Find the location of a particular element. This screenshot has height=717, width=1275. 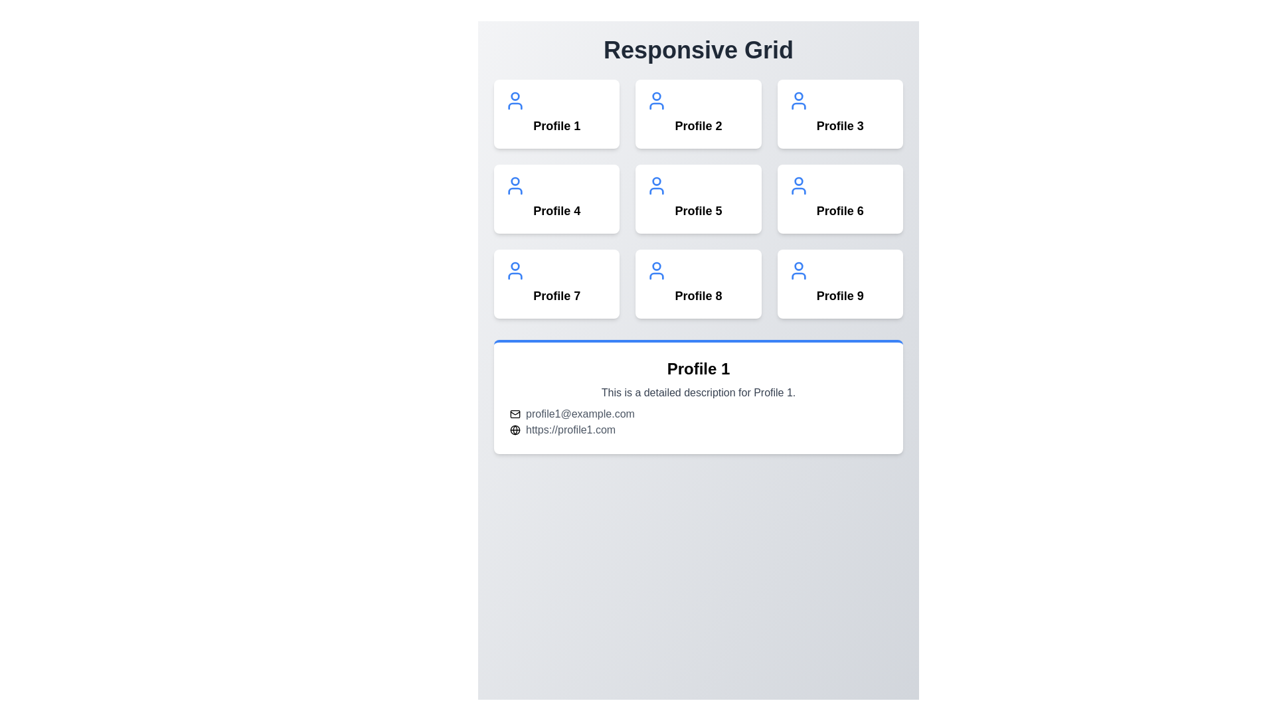

the Text Label that serves as the title for the card 'Profile 1', located at the top of the card section is located at coordinates (697, 368).